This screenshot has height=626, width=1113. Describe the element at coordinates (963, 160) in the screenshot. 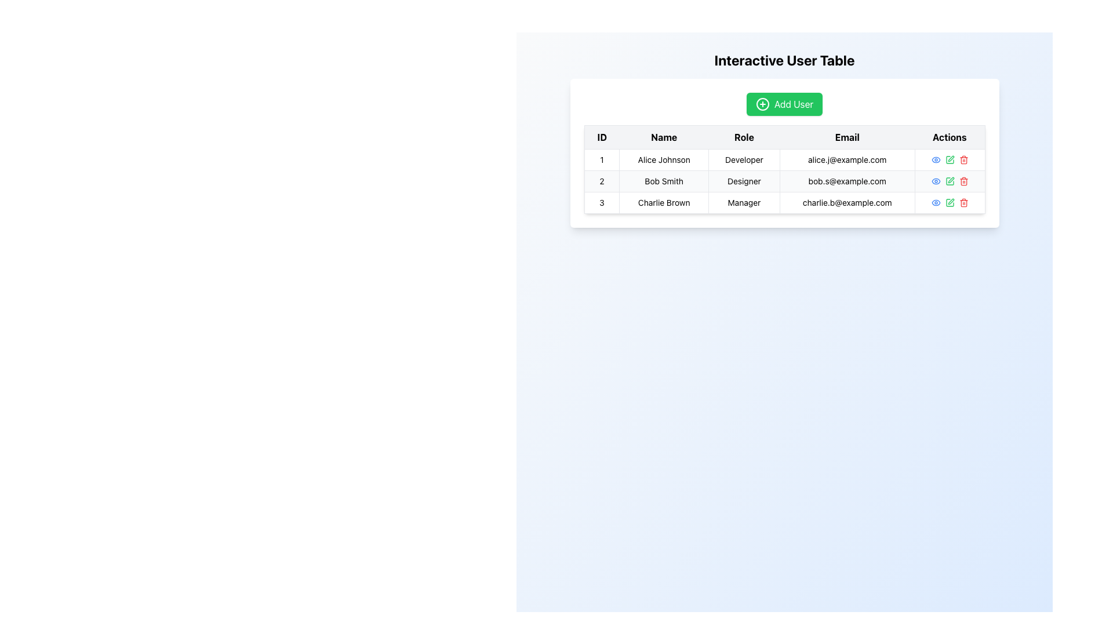

I see `the delete icon in the 'Actions' column` at that location.